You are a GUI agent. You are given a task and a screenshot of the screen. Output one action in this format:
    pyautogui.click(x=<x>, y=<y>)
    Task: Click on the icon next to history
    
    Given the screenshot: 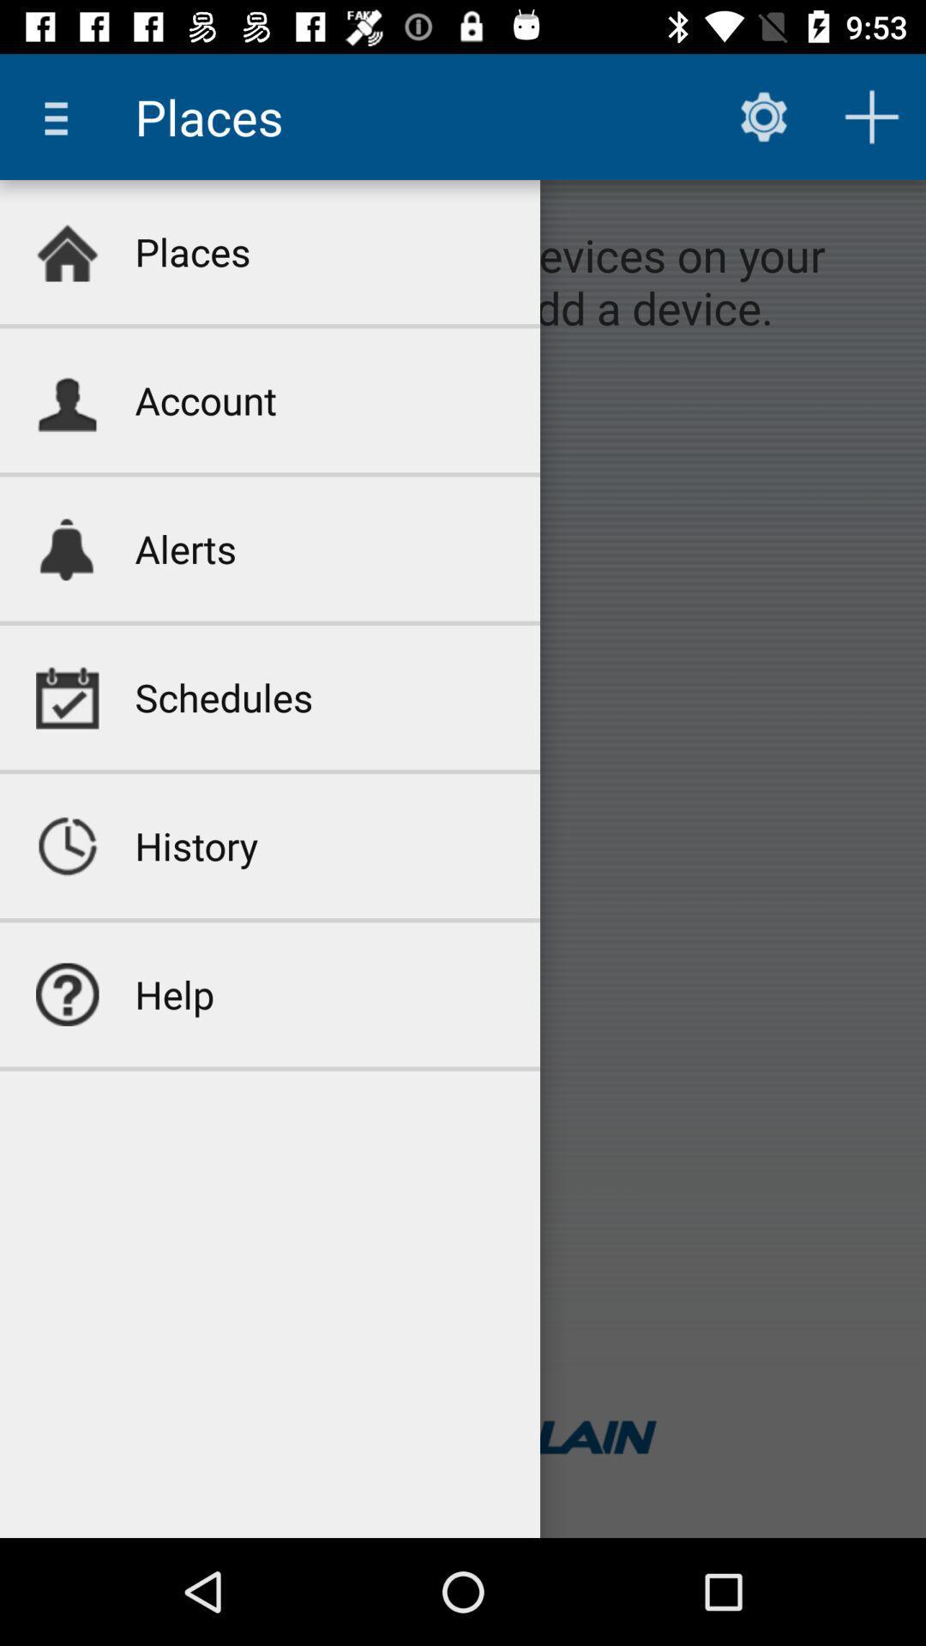 What is the action you would take?
    pyautogui.click(x=66, y=846)
    